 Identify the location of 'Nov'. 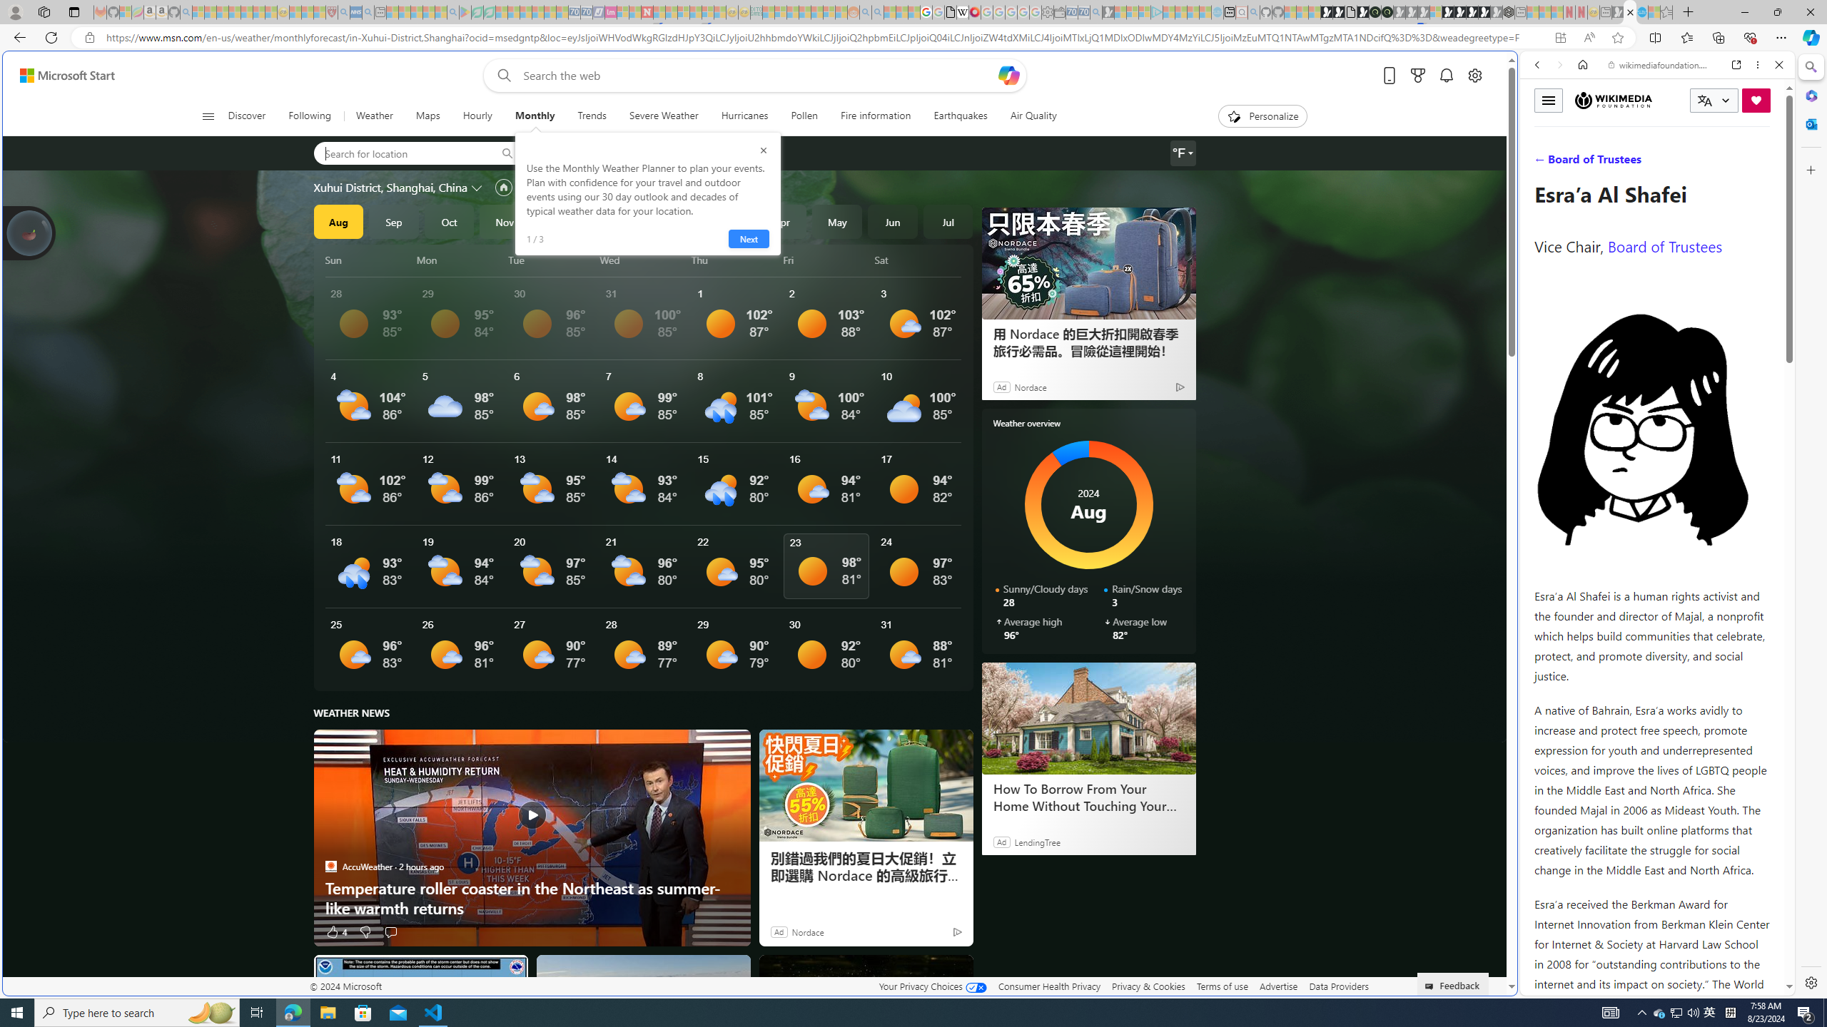
(503, 221).